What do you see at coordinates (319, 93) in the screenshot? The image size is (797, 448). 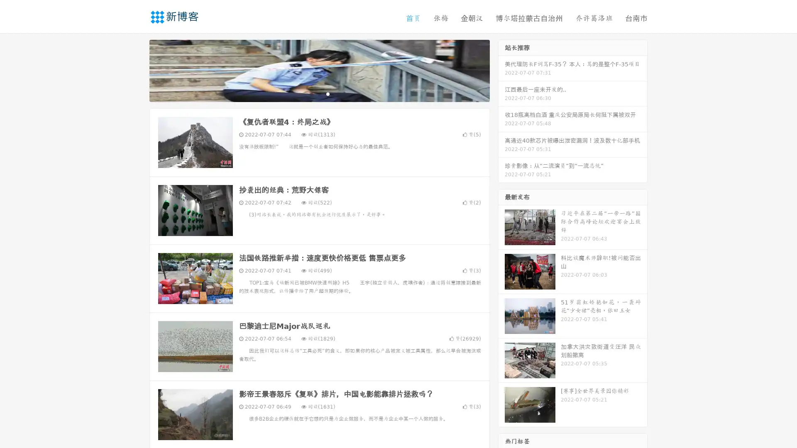 I see `Go to slide 2` at bounding box center [319, 93].